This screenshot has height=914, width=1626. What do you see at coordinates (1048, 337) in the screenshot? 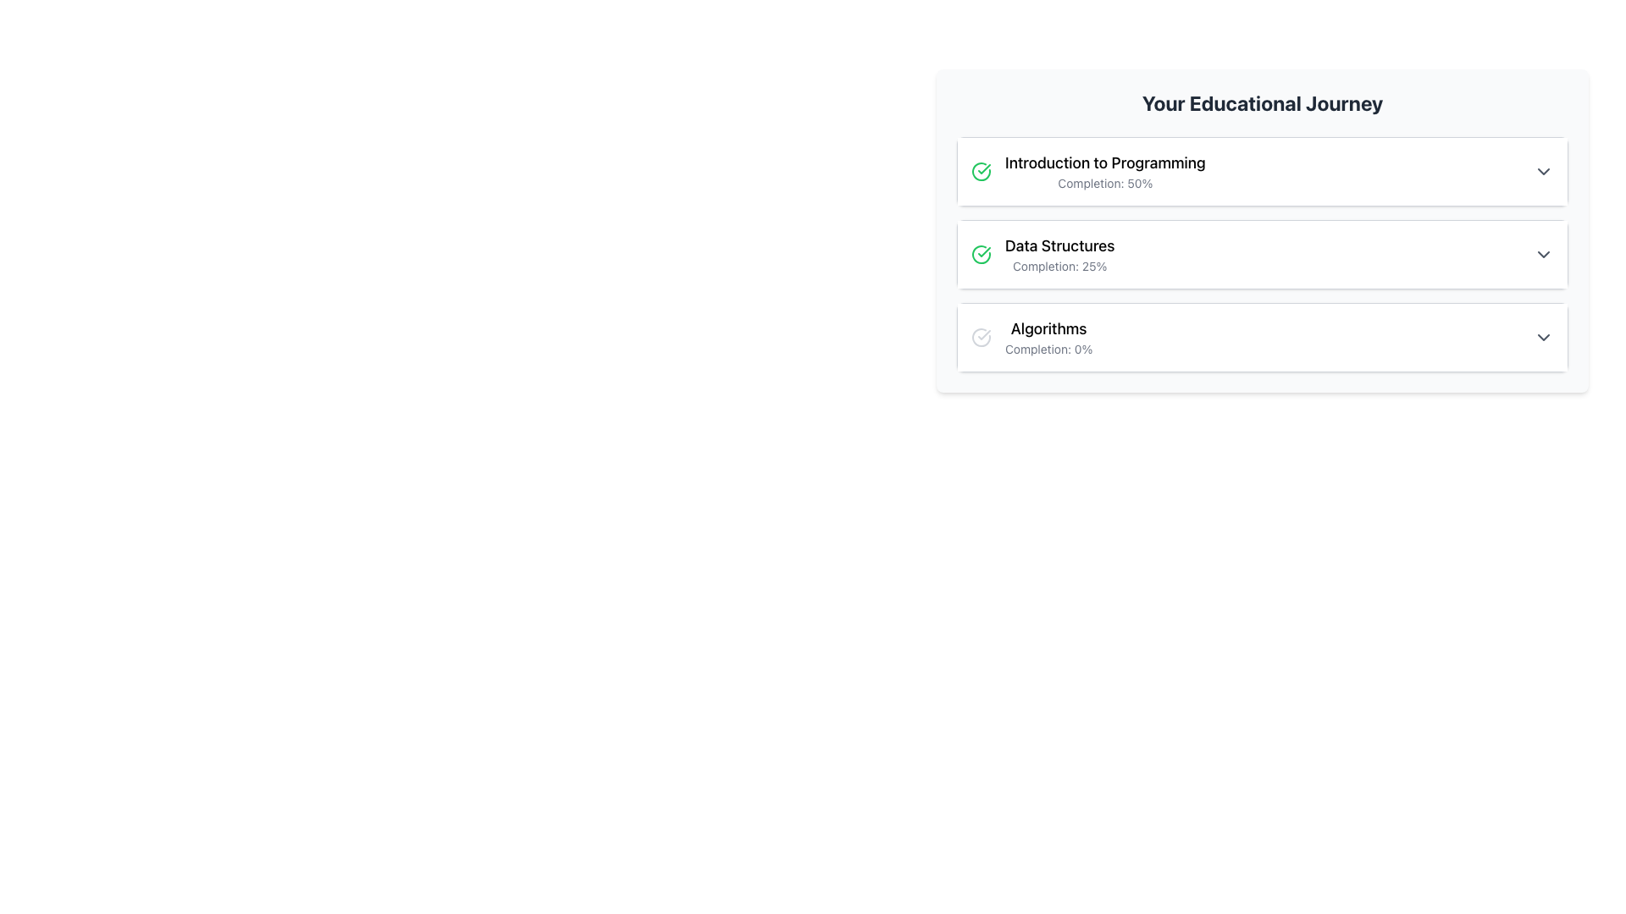
I see `the 'Algorithms' label with progress indication, which displays '0%' completion and is the third item in the vertical list labeled 'Your Educational Journey'` at bounding box center [1048, 337].